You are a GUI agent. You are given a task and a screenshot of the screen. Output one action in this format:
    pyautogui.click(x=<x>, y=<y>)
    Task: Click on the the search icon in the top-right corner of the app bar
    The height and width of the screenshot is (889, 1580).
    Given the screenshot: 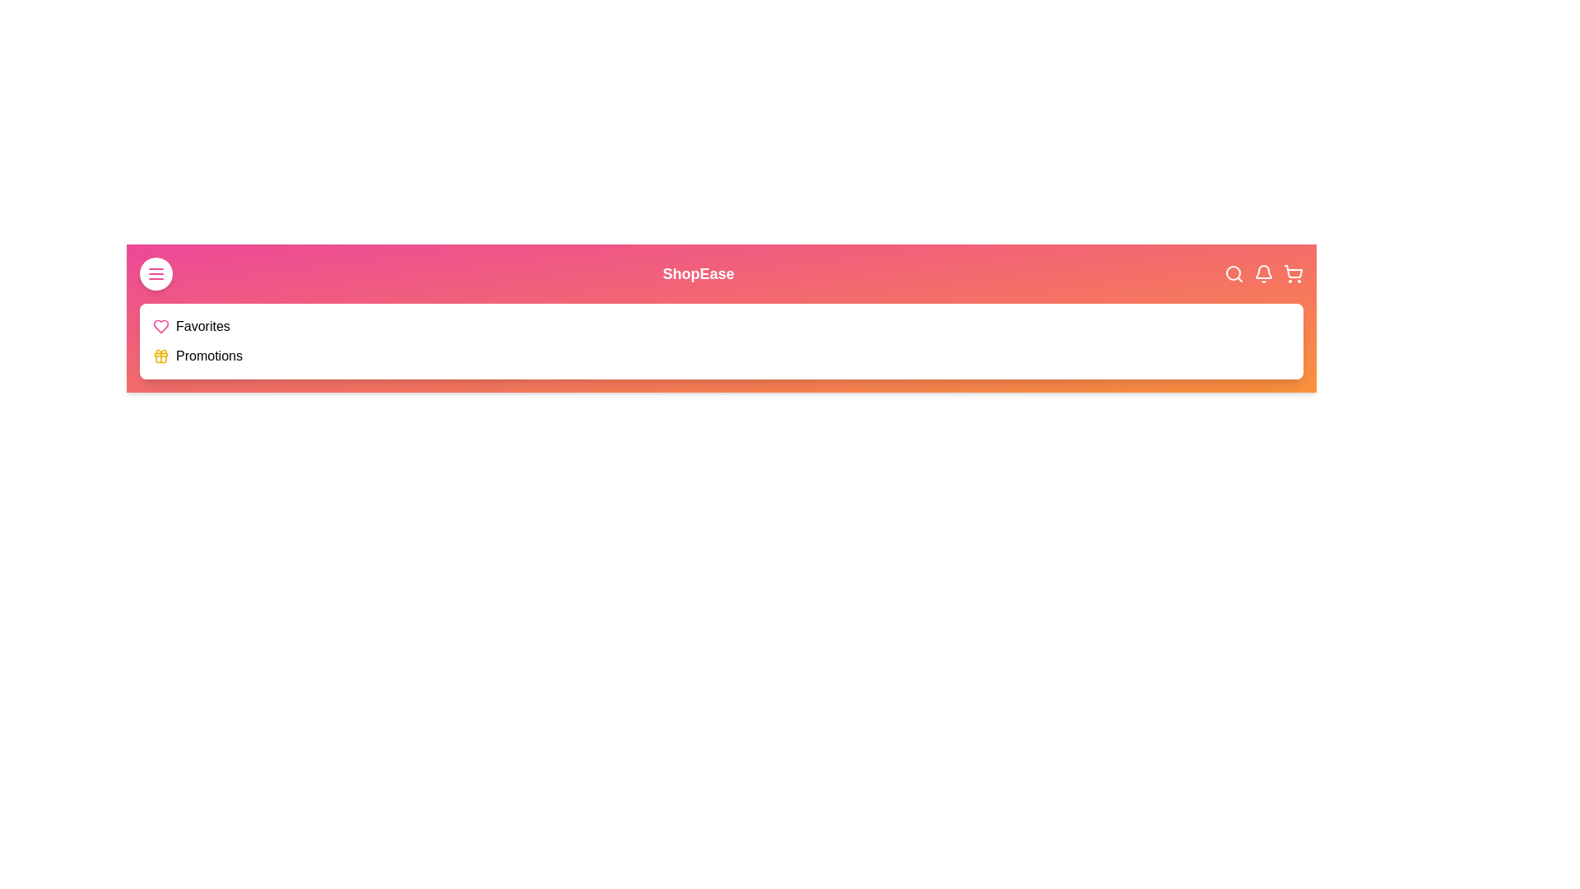 What is the action you would take?
    pyautogui.click(x=1234, y=272)
    